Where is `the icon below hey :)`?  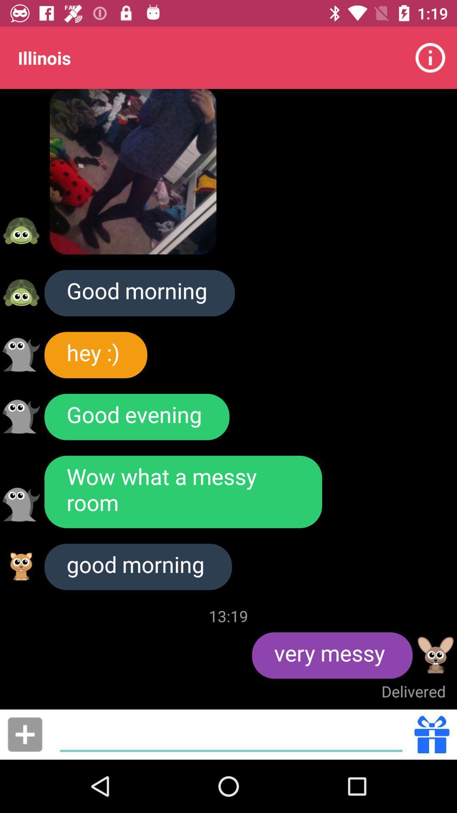 the icon below hey :) is located at coordinates (136, 417).